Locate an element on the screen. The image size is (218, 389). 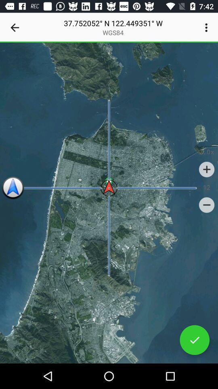
item to the left of 37 752052 n item is located at coordinates (15, 28).